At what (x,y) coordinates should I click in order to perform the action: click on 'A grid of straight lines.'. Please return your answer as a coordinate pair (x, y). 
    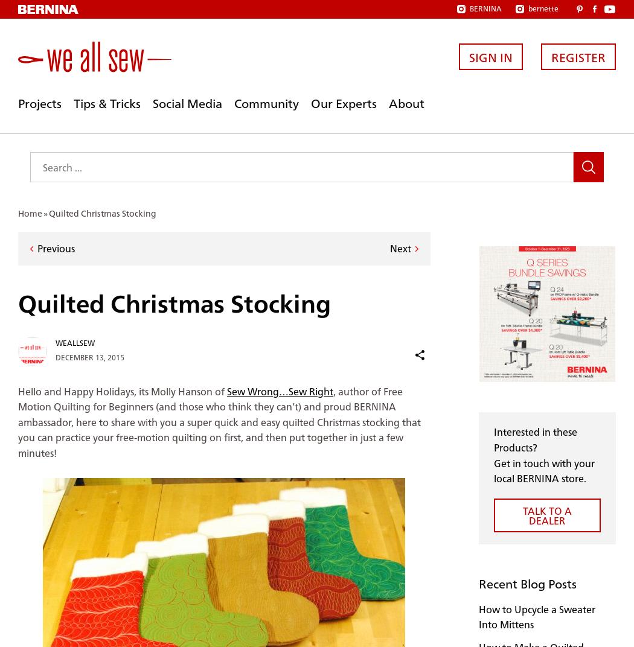
    Looking at the image, I should click on (18, 639).